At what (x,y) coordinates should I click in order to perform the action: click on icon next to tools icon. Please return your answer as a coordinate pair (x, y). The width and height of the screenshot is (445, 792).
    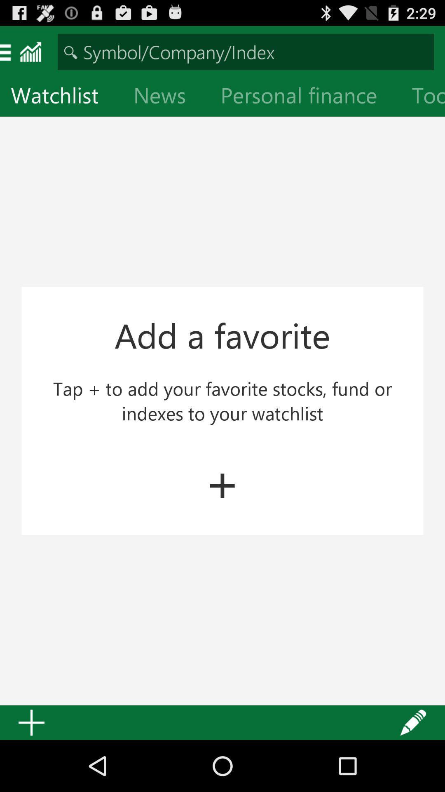
    Looking at the image, I should click on (305, 97).